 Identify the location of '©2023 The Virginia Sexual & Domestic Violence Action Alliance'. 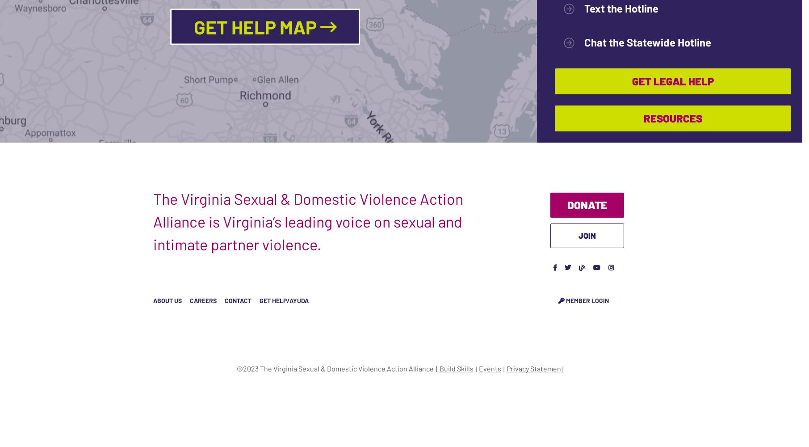
(235, 367).